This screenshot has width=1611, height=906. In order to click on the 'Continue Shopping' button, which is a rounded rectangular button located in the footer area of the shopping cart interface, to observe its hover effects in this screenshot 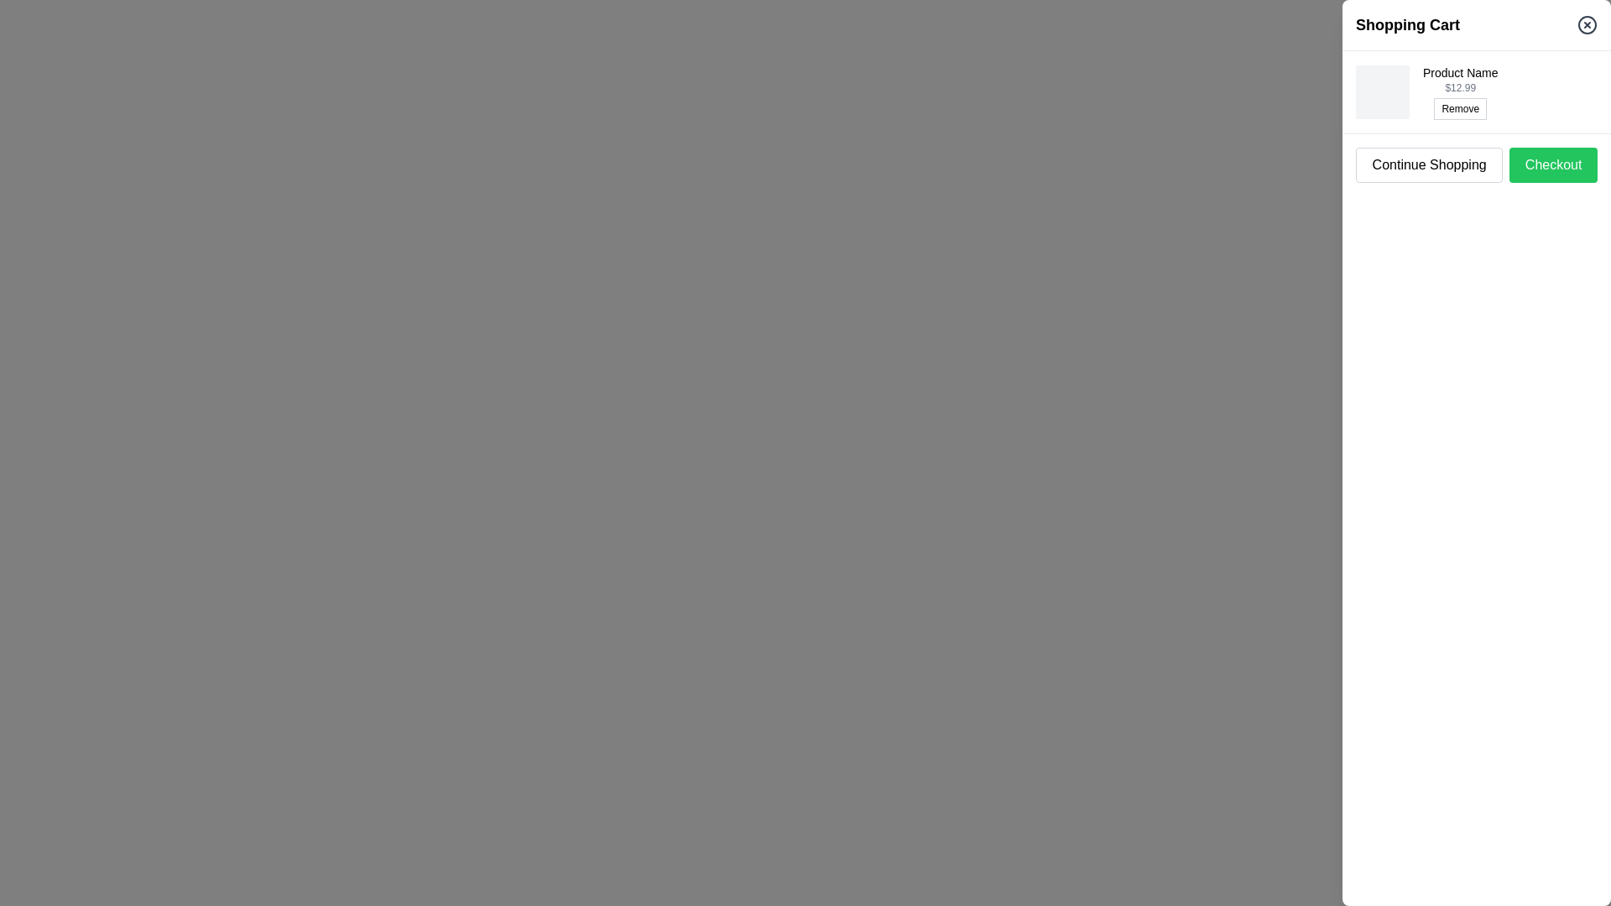, I will do `click(1428, 164)`.